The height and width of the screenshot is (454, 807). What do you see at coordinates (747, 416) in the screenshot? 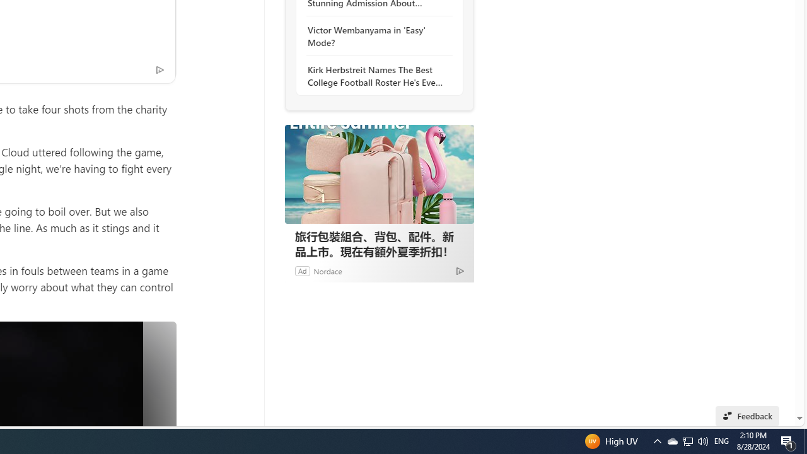
I see `'Feedback'` at bounding box center [747, 416].